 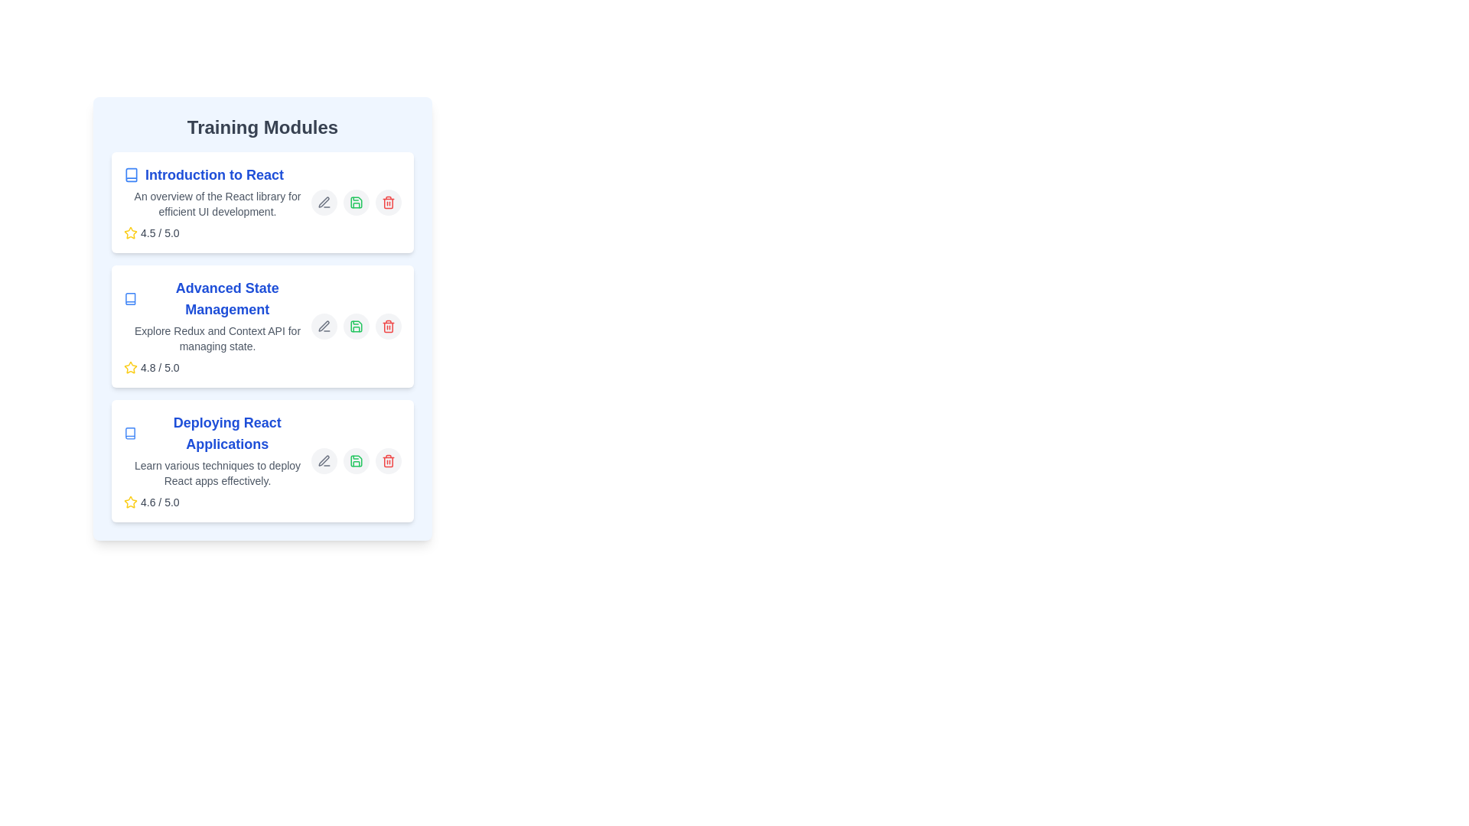 What do you see at coordinates (323, 460) in the screenshot?
I see `the small pencil-shaped edit icon located beside the title of the training module 'Deploying React Applications'` at bounding box center [323, 460].